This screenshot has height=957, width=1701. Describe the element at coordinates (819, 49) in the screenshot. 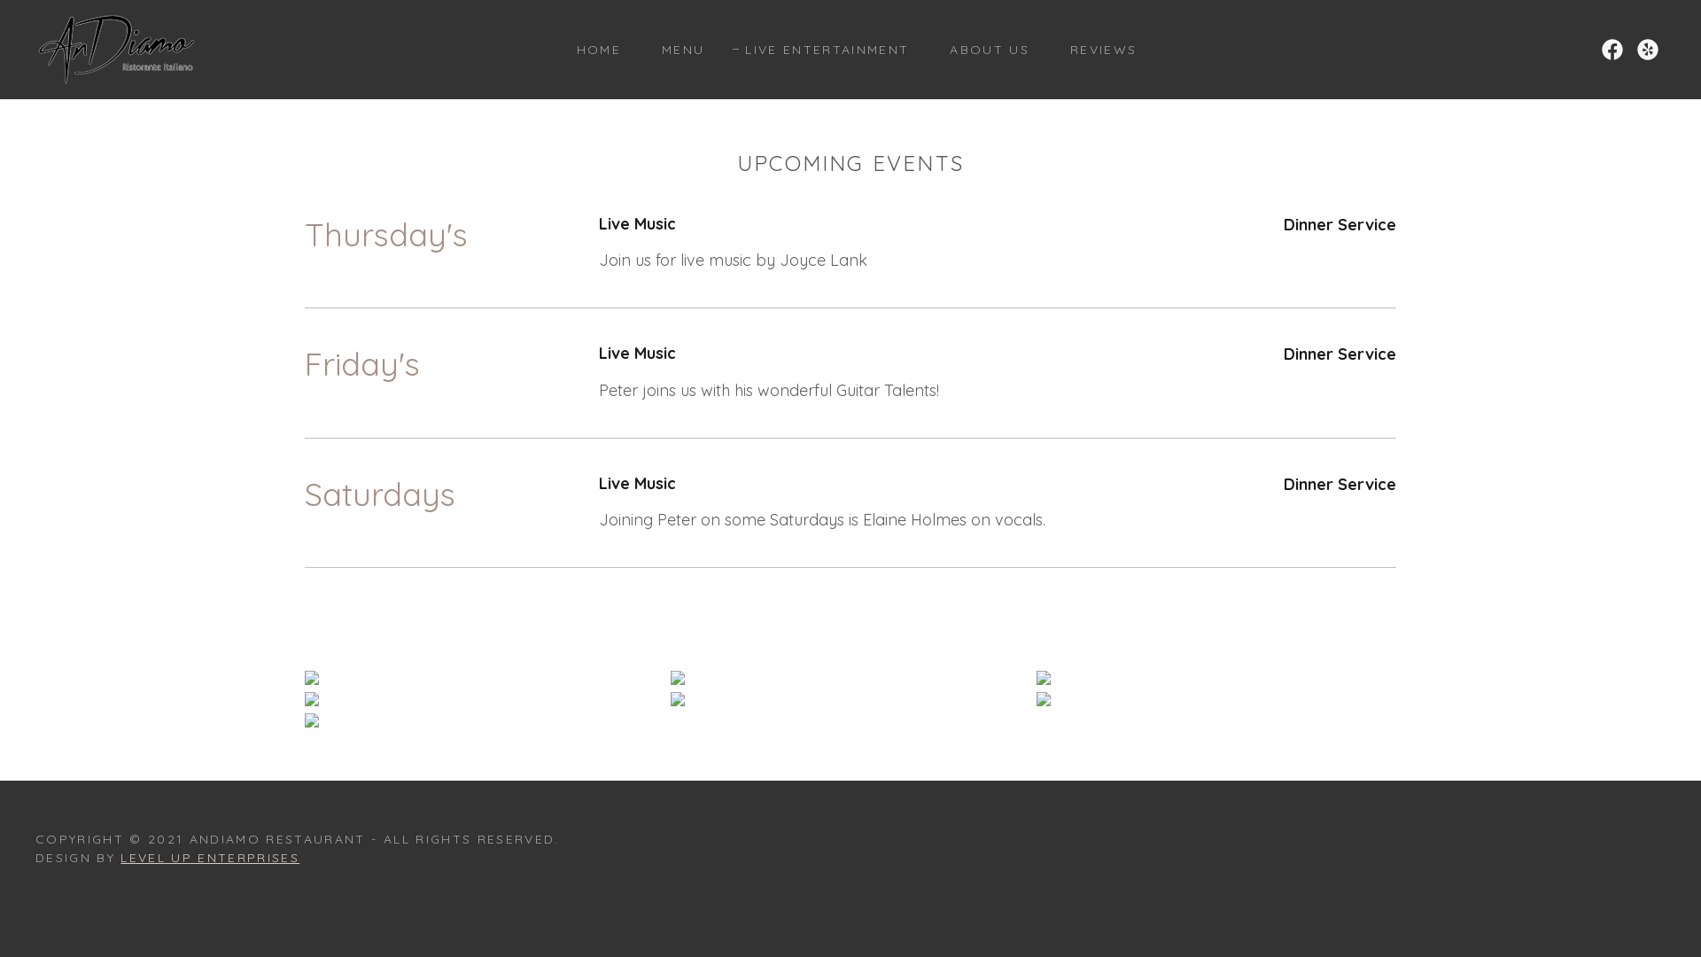

I see `'LIVE ENTERTAINMENT'` at that location.